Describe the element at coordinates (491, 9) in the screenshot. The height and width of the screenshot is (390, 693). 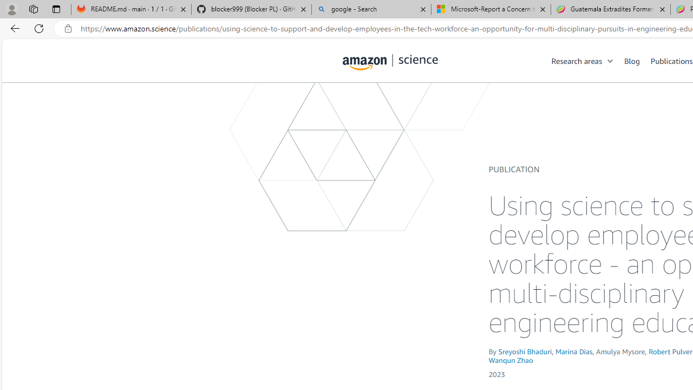
I see `'Microsoft-Report a Concern to Bing'` at that location.